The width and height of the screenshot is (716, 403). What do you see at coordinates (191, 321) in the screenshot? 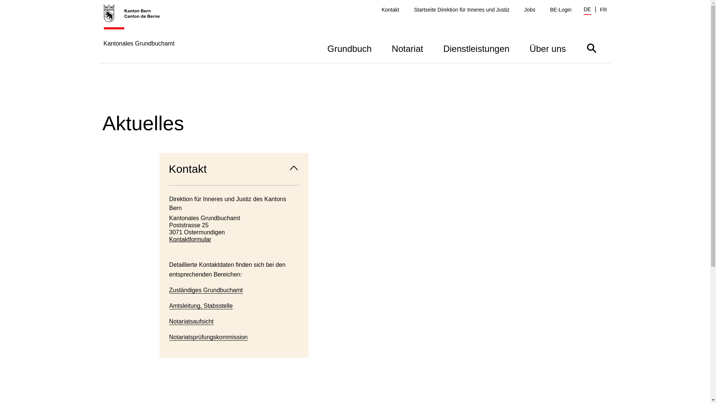
I see `'Notariatsaufsicht'` at bounding box center [191, 321].